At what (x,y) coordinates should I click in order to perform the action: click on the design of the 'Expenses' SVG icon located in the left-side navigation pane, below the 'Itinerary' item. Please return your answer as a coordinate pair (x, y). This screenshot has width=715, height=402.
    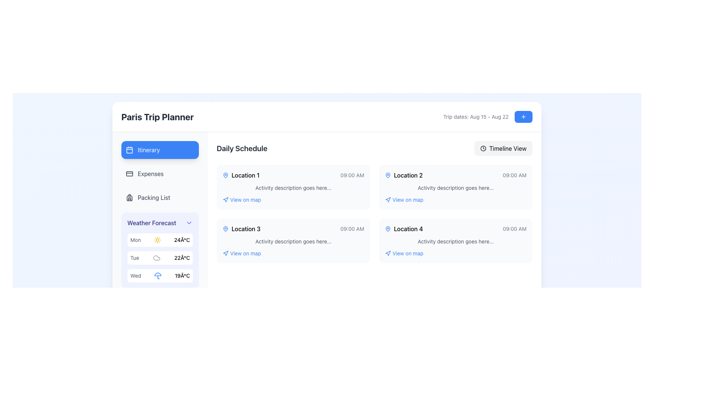
    Looking at the image, I should click on (129, 173).